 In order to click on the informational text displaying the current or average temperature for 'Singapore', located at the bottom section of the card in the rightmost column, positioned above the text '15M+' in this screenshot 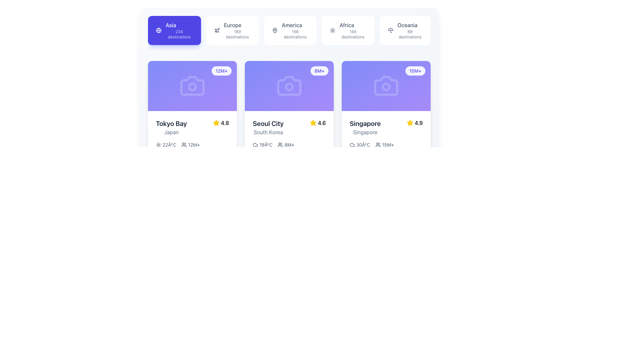, I will do `click(359, 144)`.